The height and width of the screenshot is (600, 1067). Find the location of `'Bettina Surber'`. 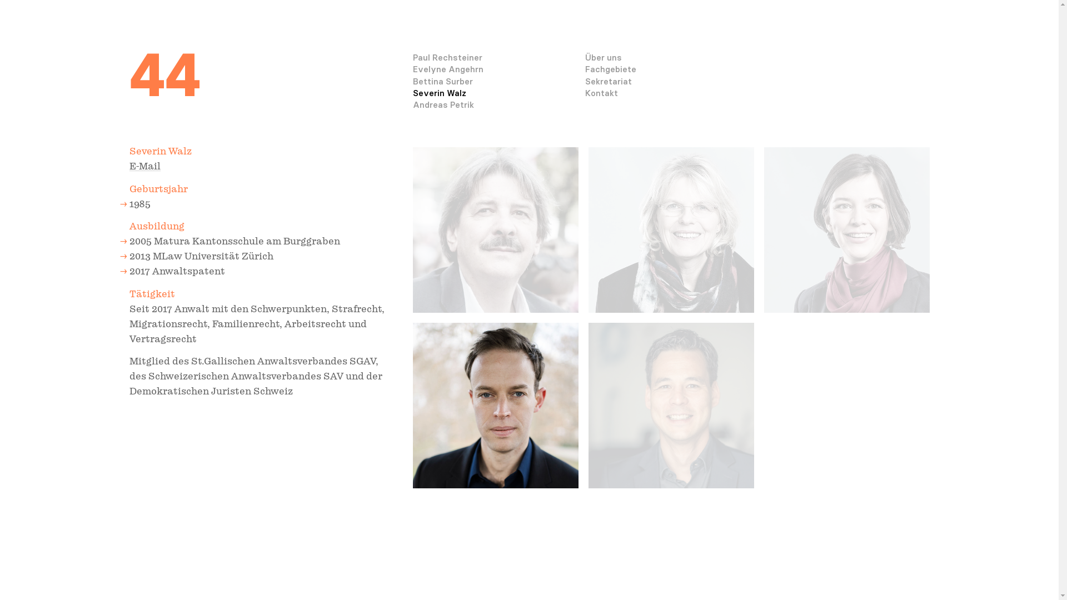

'Bettina Surber' is located at coordinates (442, 81).